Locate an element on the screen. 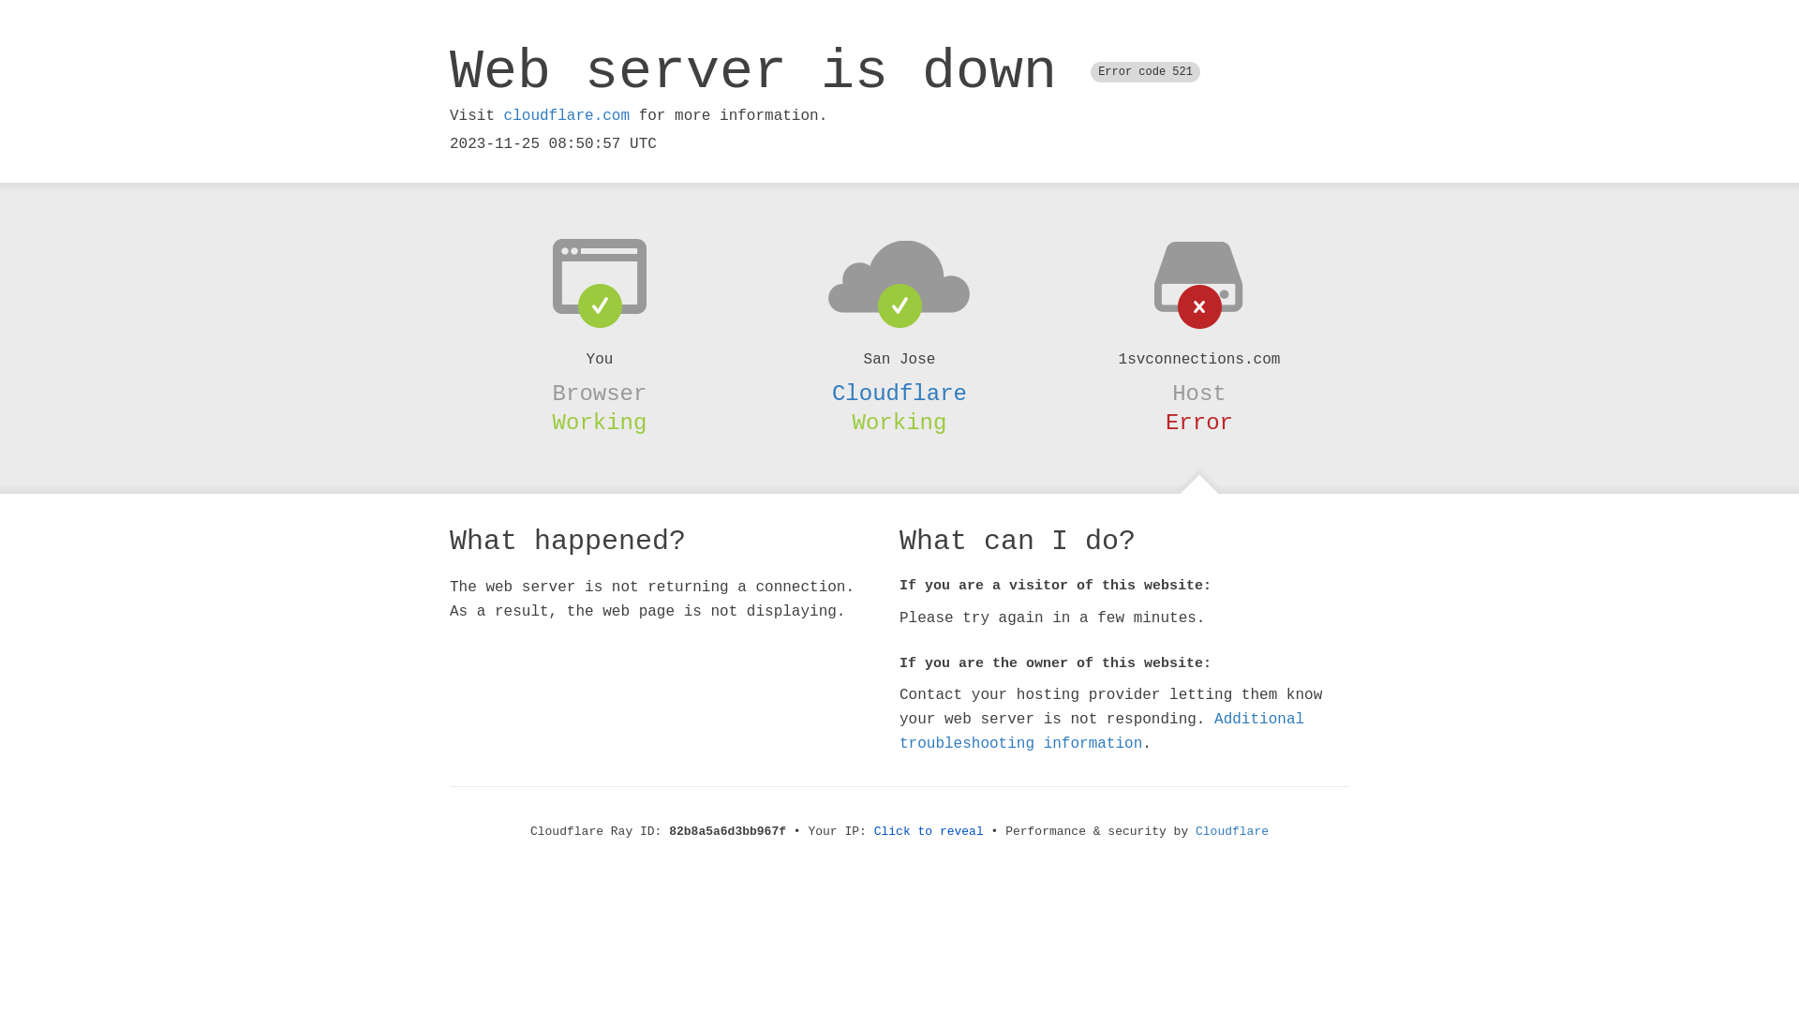 The image size is (1799, 1012). 'Additional troubleshooting information' is located at coordinates (1102, 730).